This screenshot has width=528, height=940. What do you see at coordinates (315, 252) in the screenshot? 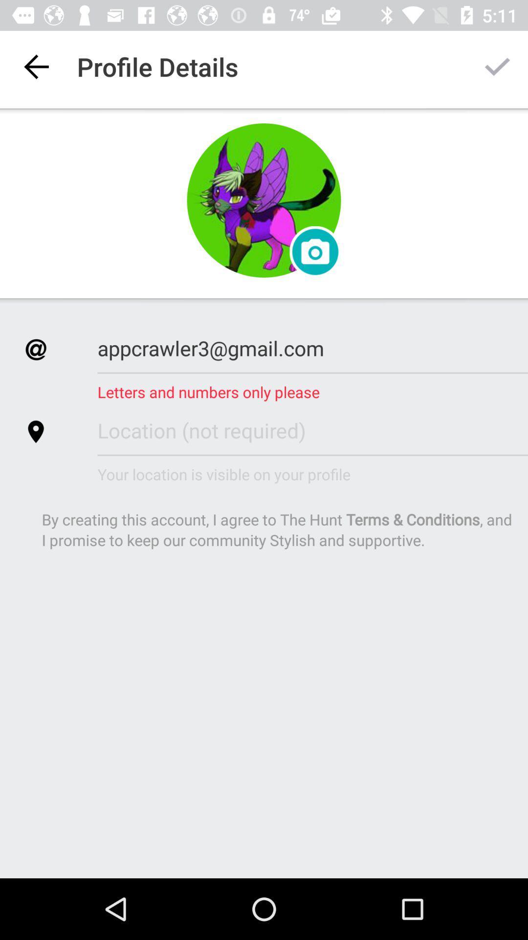
I see `the photo icon` at bounding box center [315, 252].